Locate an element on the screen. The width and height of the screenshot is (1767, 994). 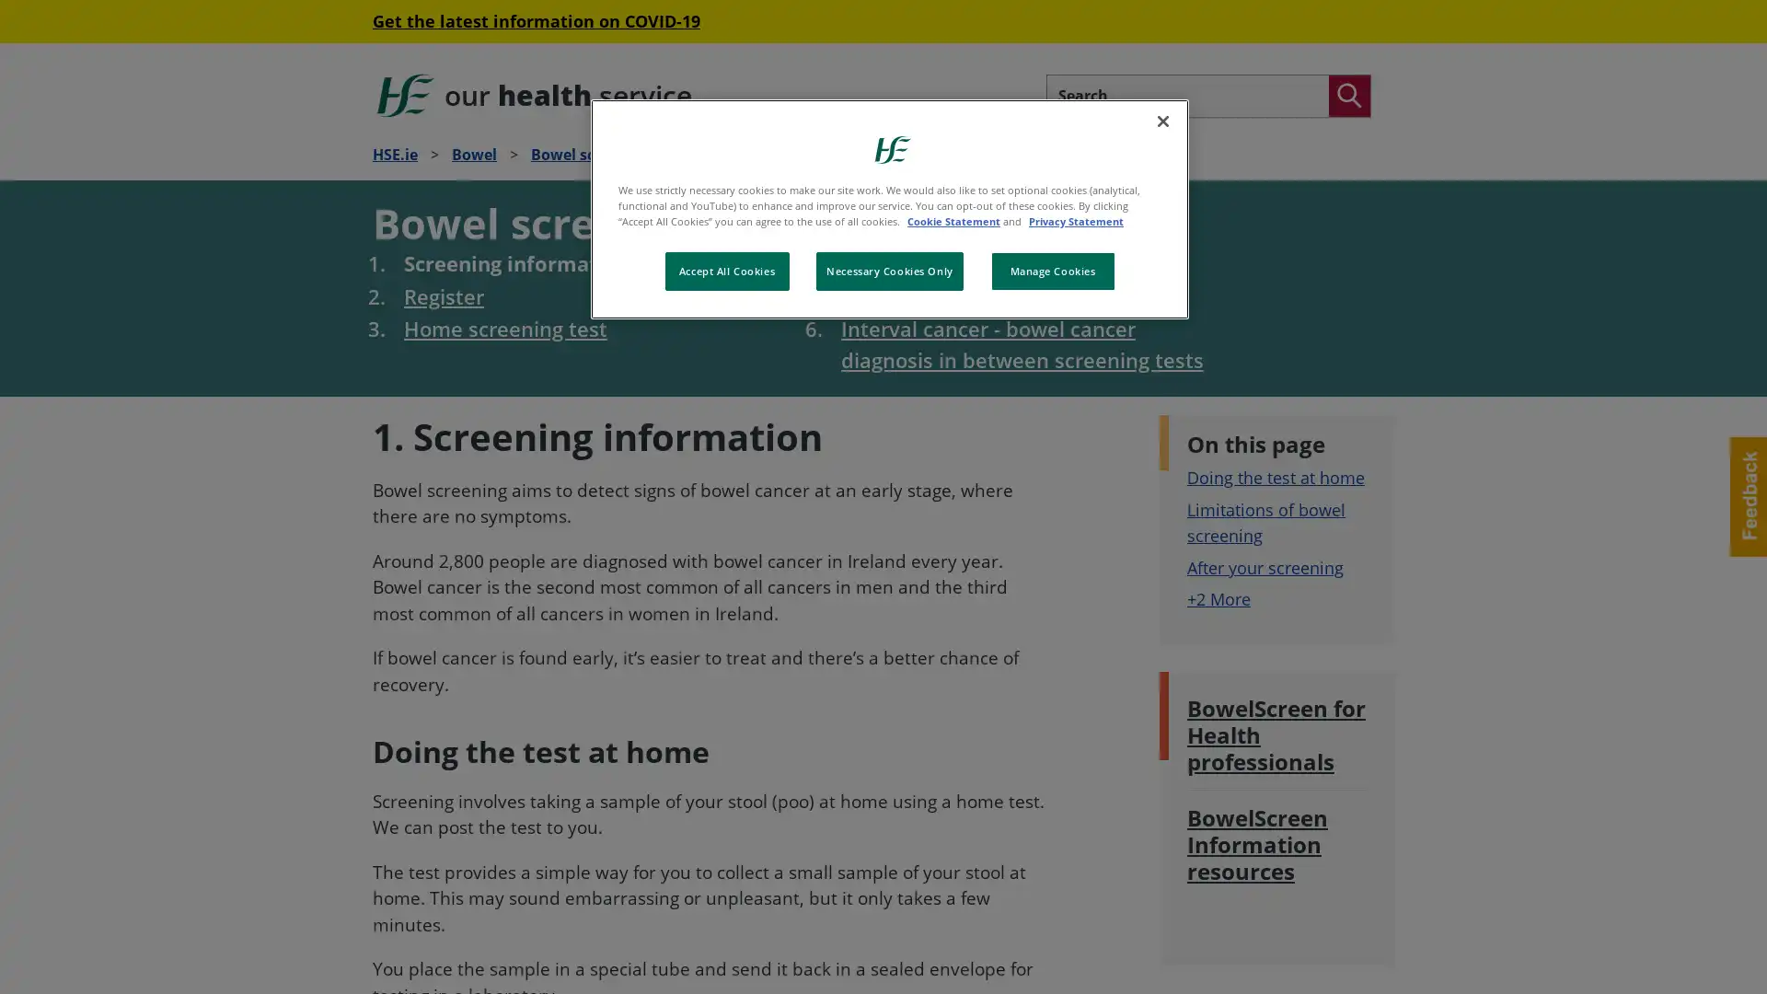
Manage Cookies is located at coordinates (1052, 271).